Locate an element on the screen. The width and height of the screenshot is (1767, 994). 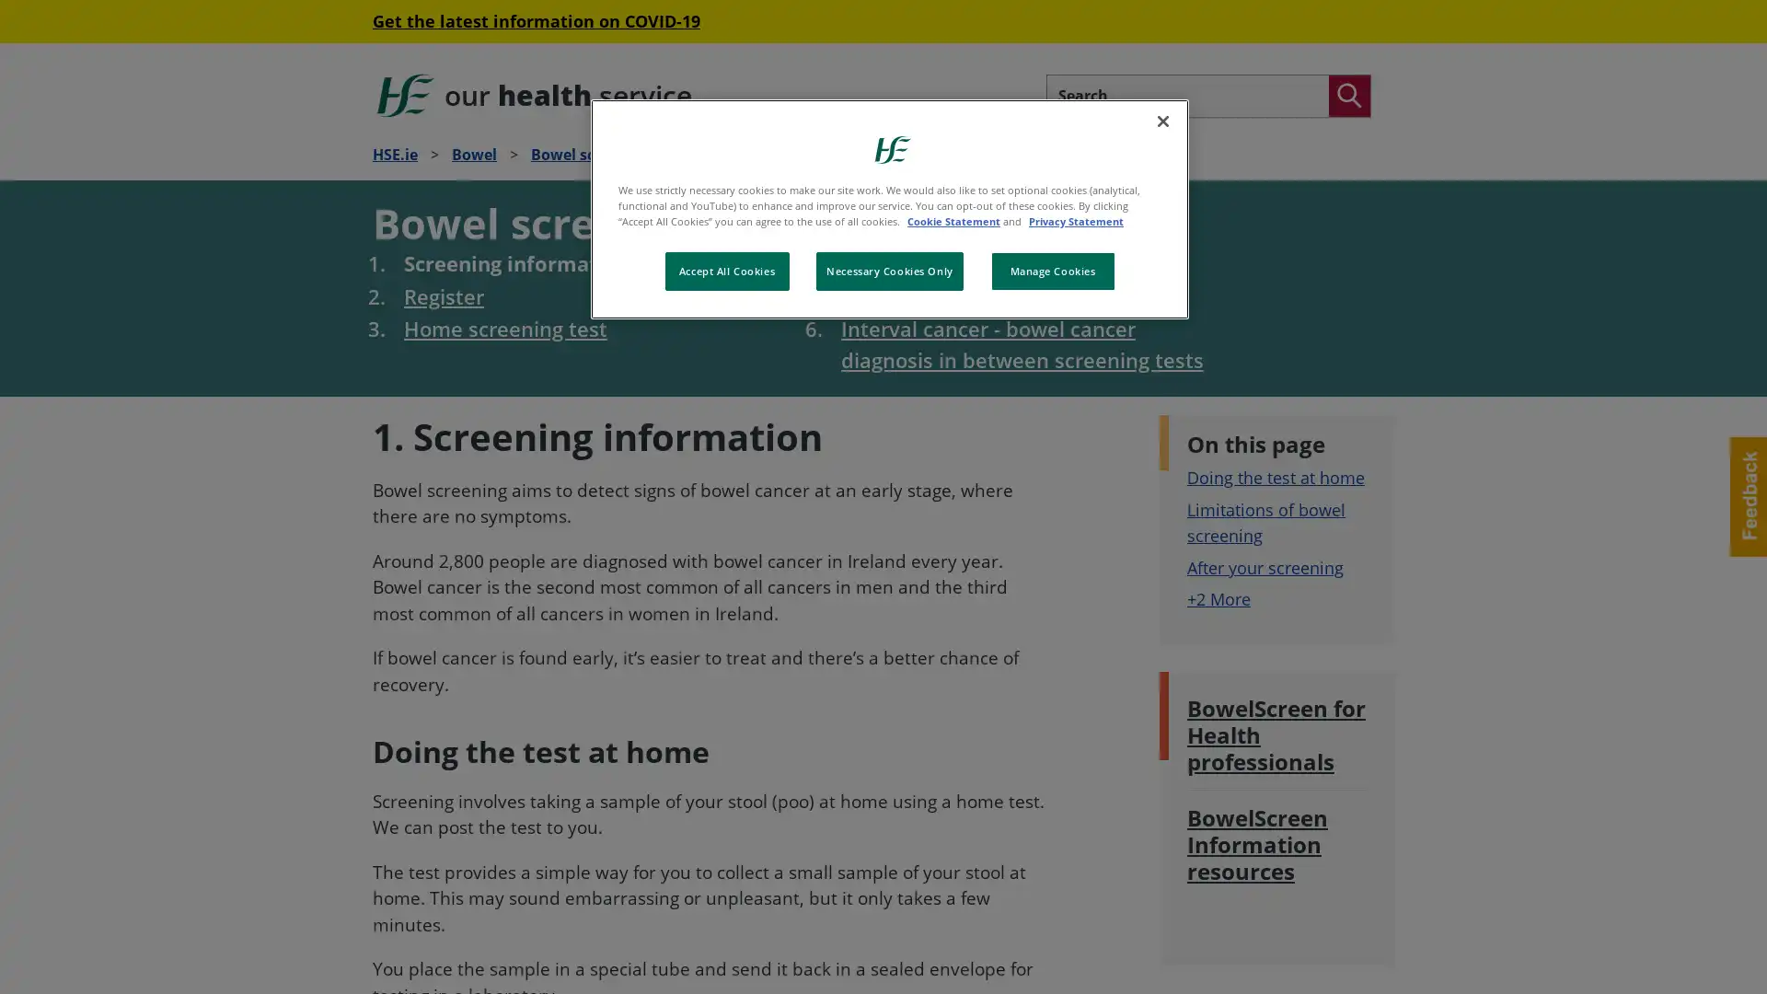
Manage Cookies is located at coordinates (1052, 271).